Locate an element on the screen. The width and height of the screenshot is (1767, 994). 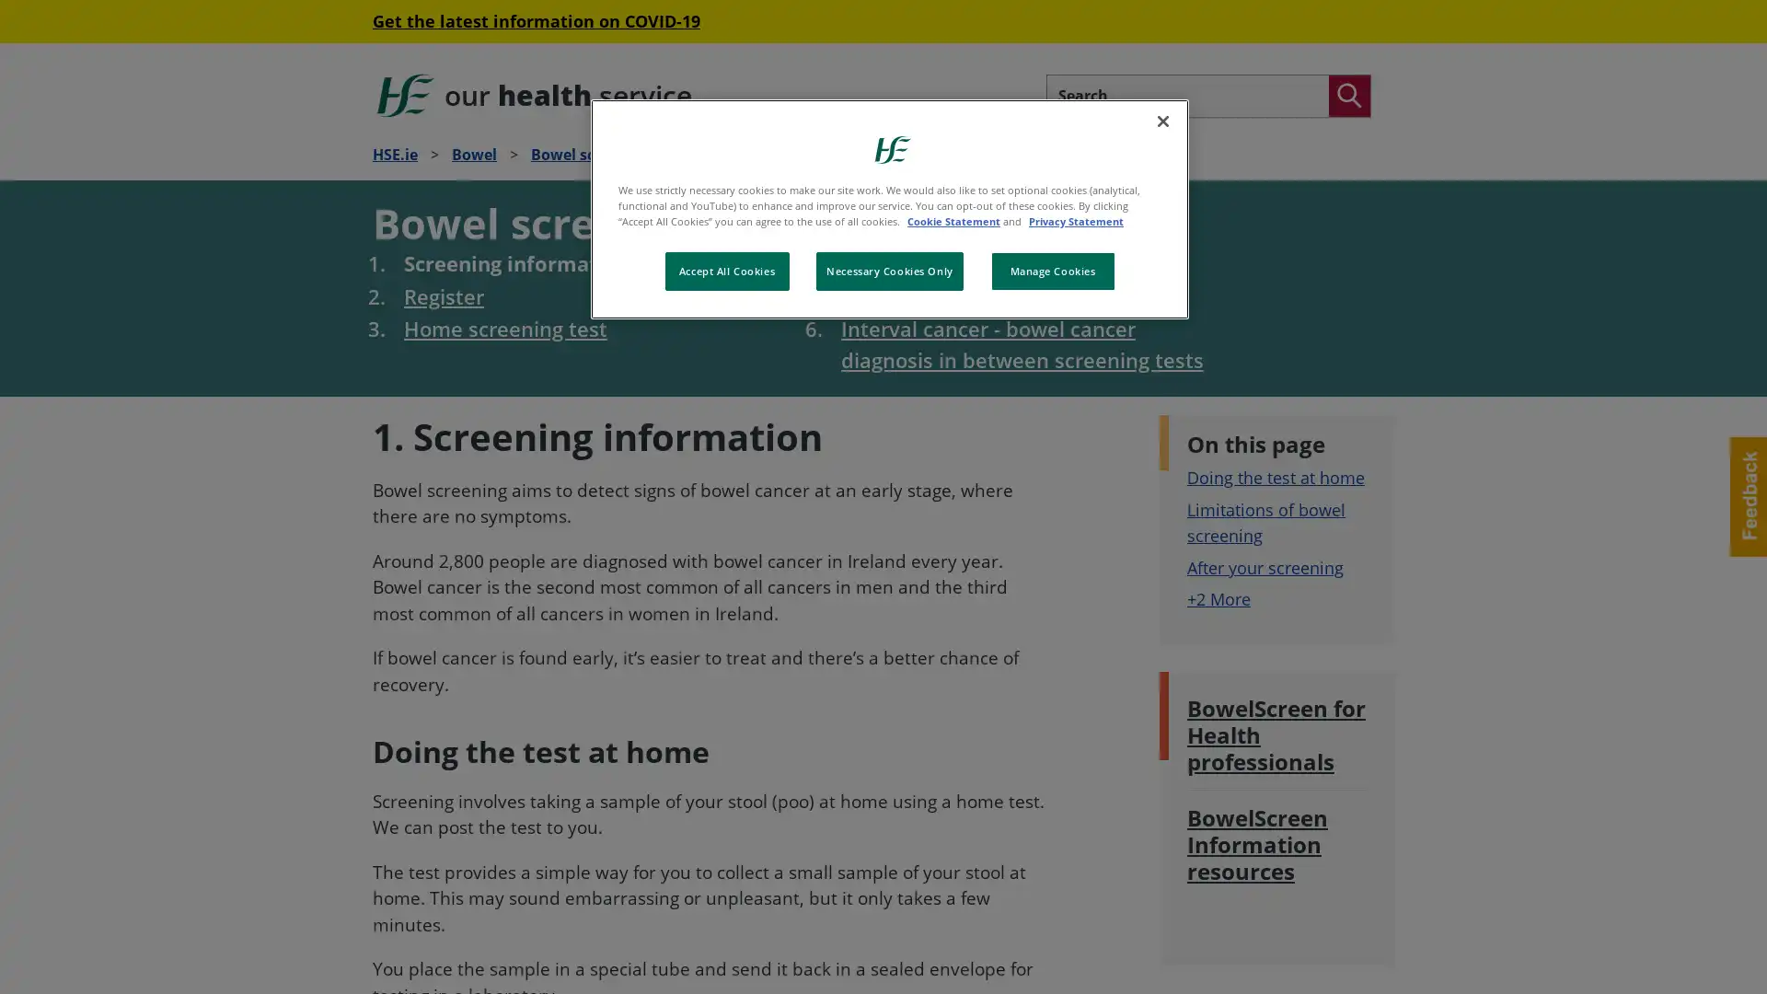
Manage Cookies is located at coordinates (1052, 271).